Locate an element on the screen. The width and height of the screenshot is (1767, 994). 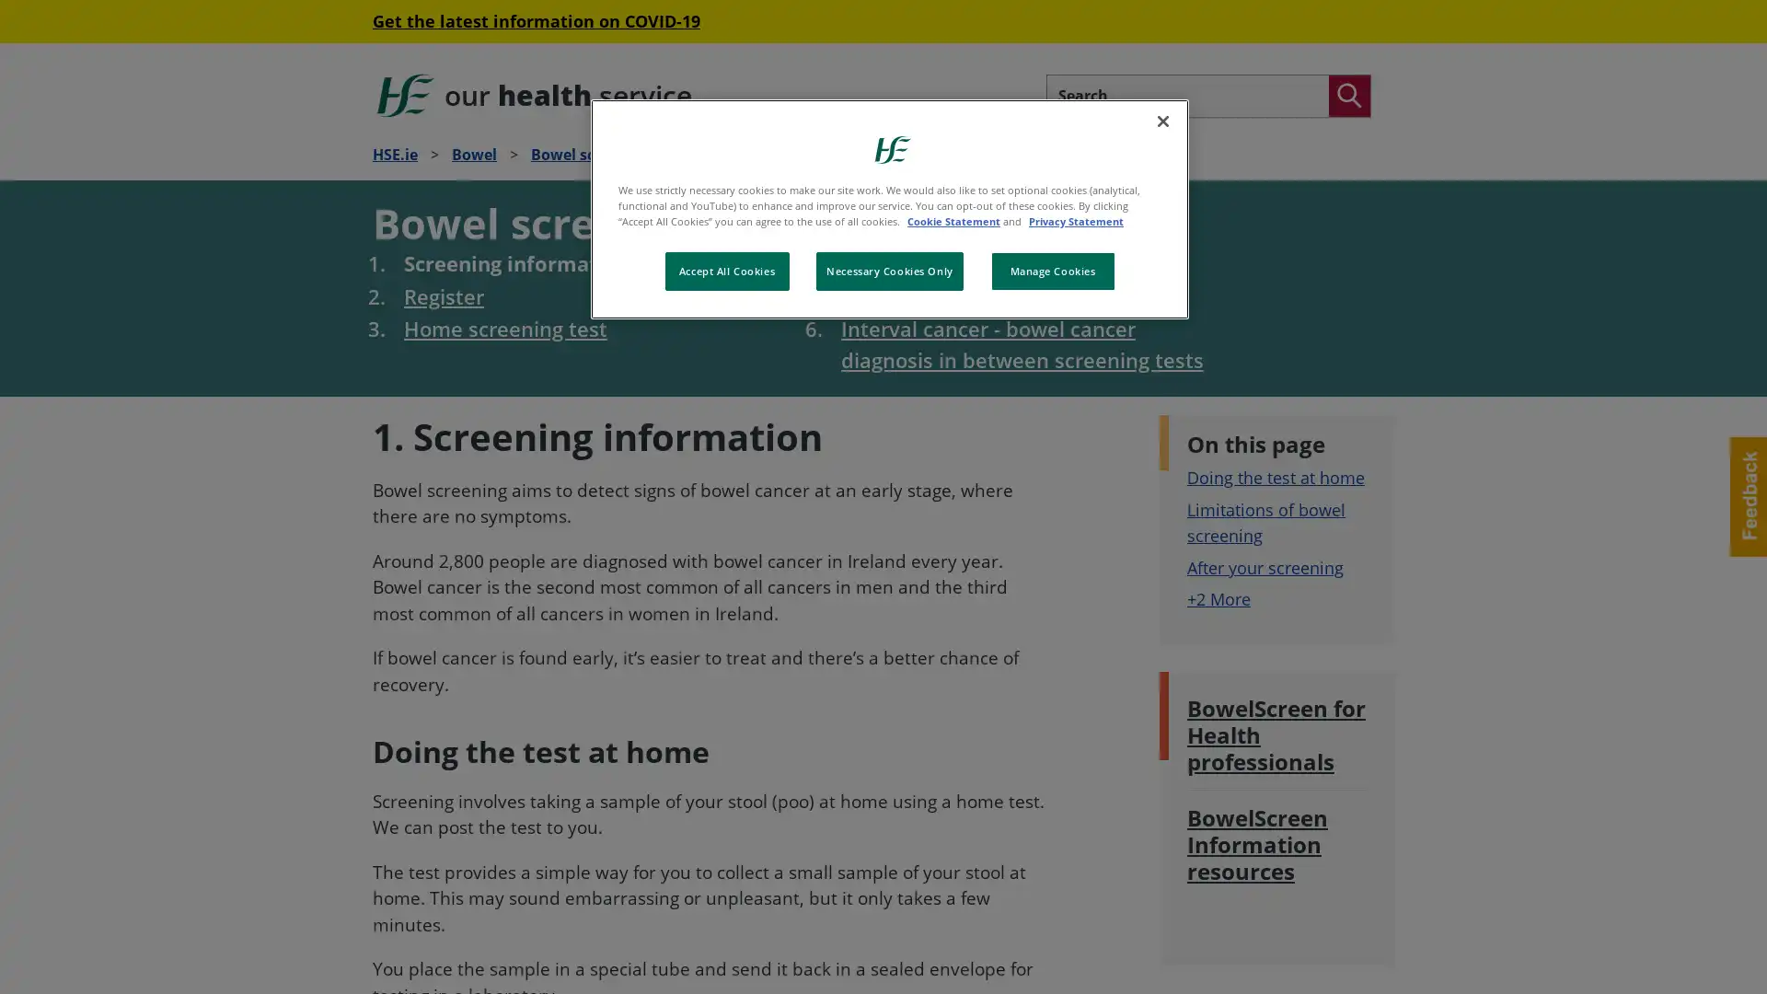
Manage Cookies is located at coordinates (1052, 271).